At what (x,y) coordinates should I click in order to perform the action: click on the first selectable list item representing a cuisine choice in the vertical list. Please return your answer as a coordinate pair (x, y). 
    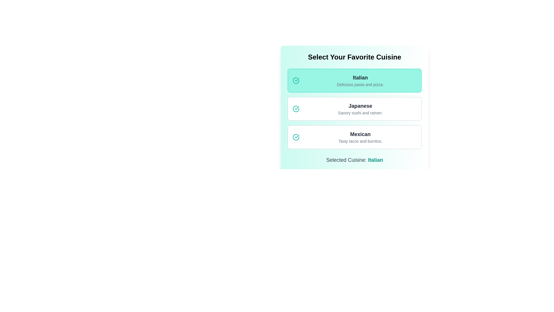
    Looking at the image, I should click on (354, 80).